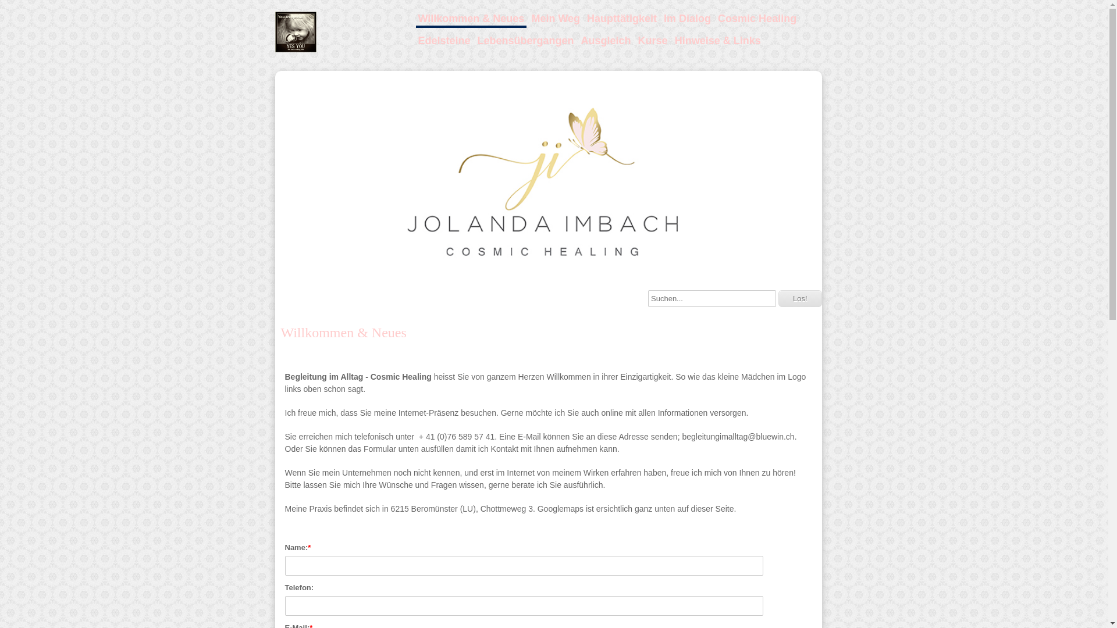 This screenshot has width=1117, height=628. I want to click on 'Ausgleich', so click(605, 40).